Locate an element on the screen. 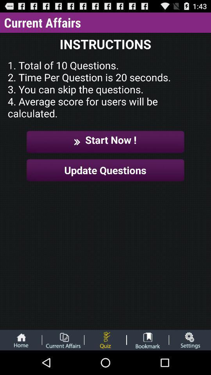 The width and height of the screenshot is (211, 375). the icon below the update questions is located at coordinates (21, 339).